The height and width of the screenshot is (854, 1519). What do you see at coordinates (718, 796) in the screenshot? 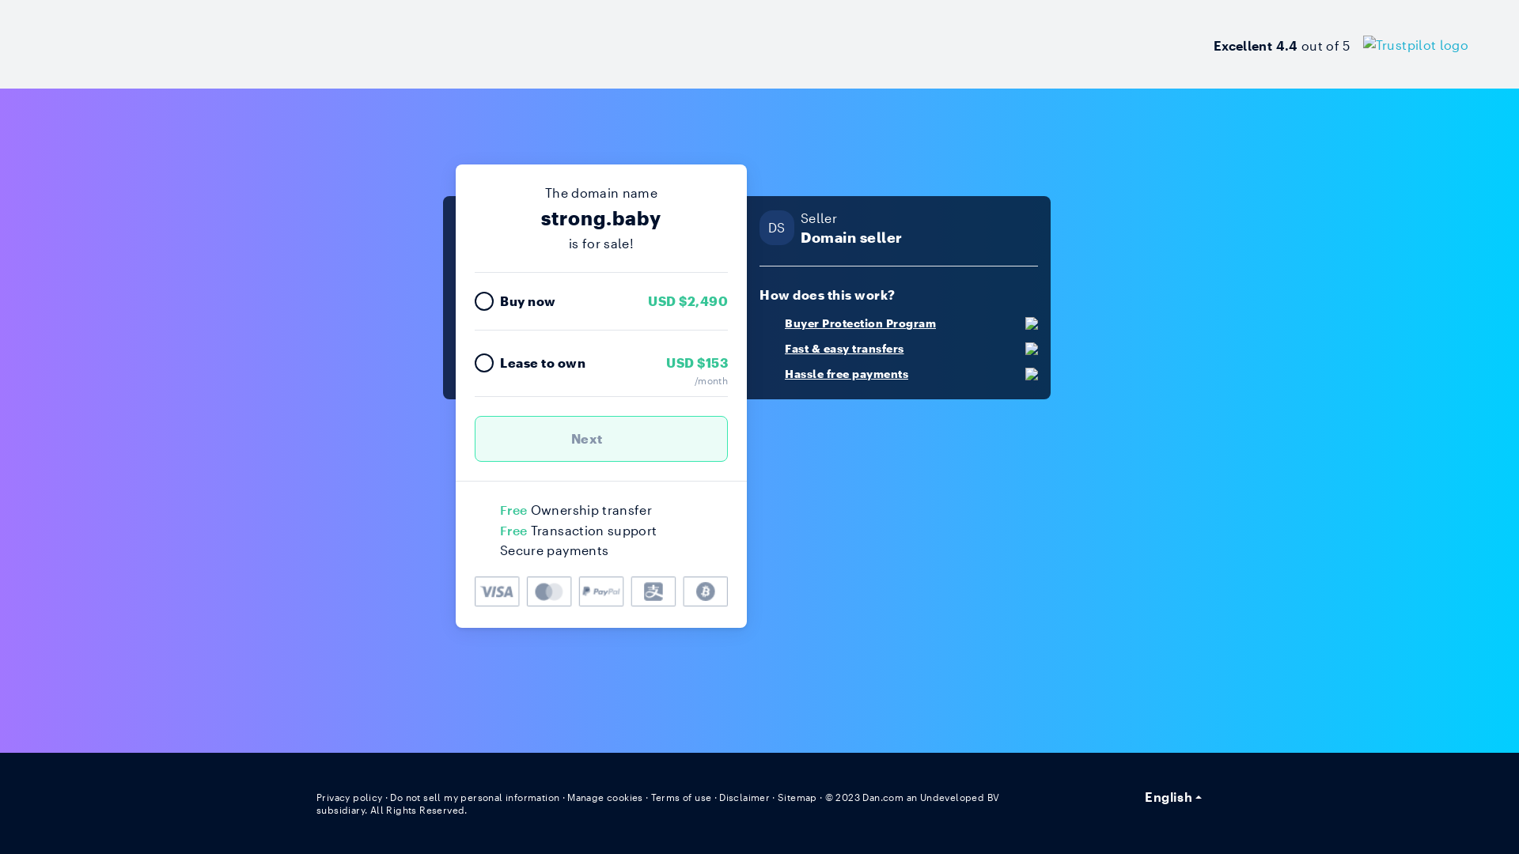
I see `'Disclaimer'` at bounding box center [718, 796].